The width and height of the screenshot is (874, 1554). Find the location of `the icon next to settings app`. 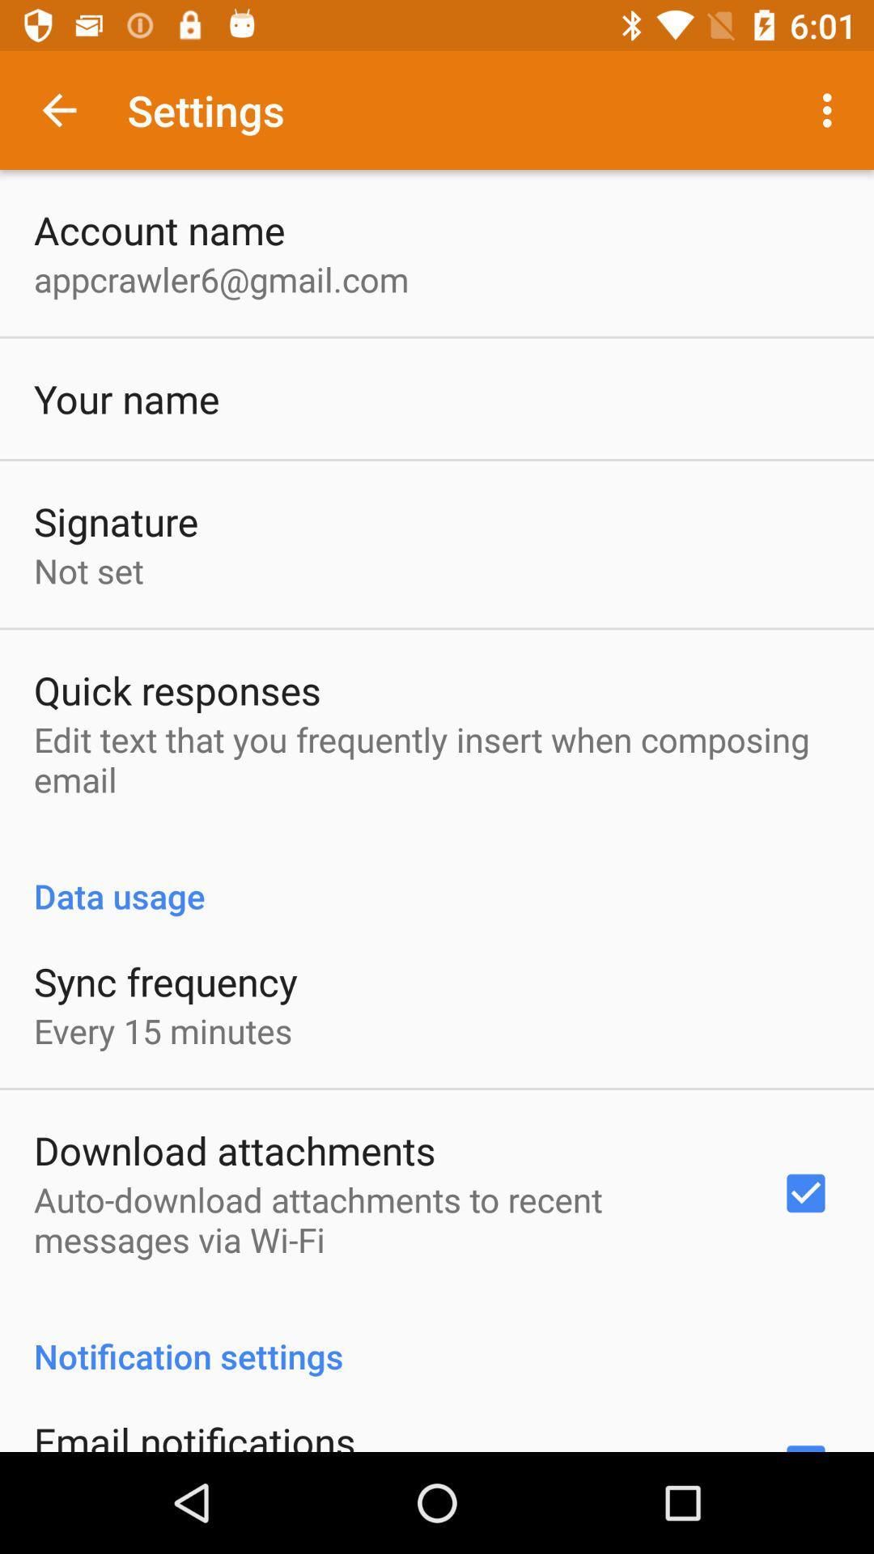

the icon next to settings app is located at coordinates (58, 109).